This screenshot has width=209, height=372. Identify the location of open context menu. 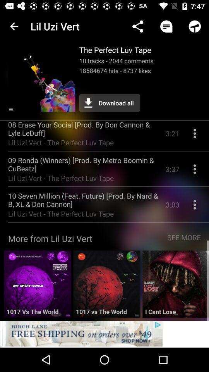
(194, 172).